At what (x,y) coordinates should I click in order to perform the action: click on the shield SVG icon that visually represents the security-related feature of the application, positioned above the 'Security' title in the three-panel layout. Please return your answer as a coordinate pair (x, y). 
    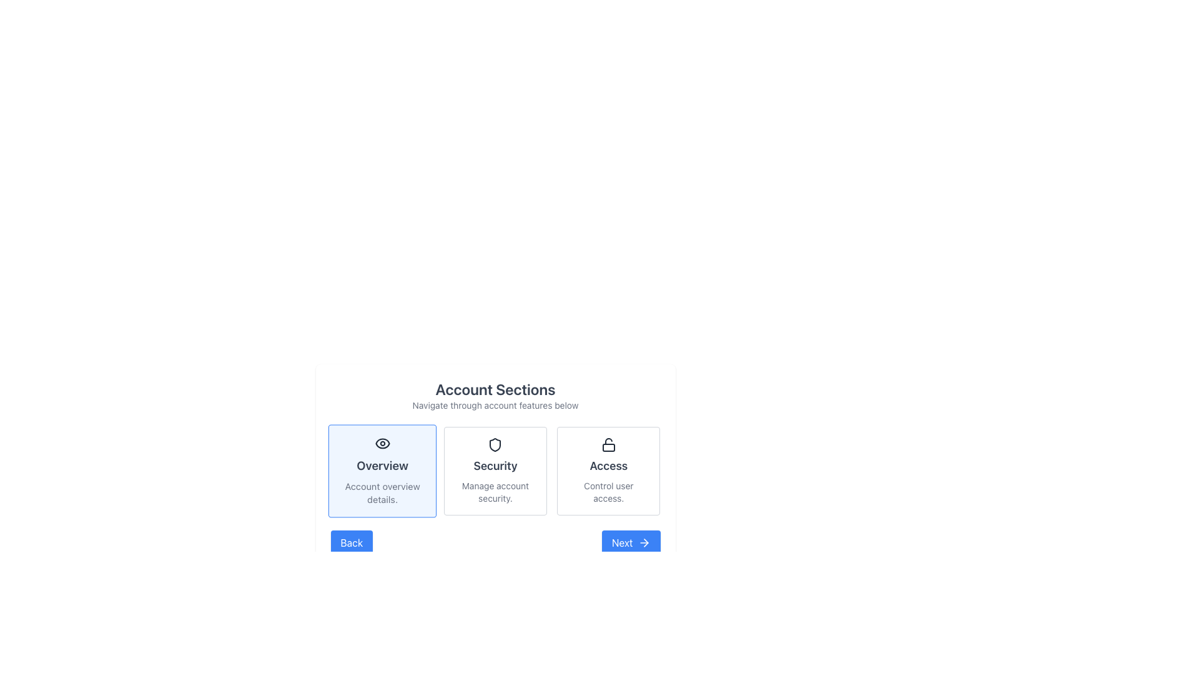
    Looking at the image, I should click on (495, 444).